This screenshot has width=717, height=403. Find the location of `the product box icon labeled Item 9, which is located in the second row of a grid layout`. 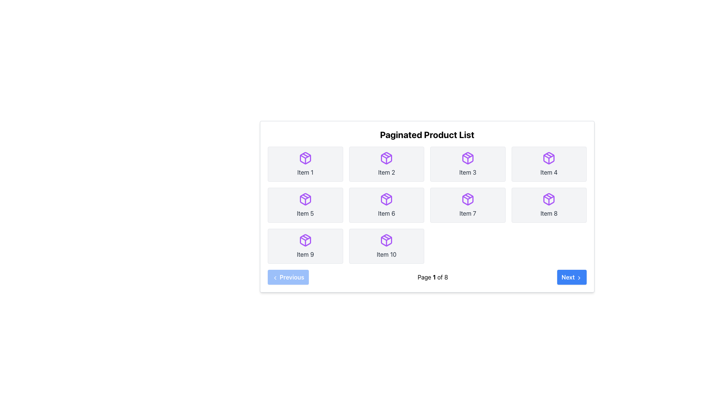

the product box icon labeled Item 9, which is located in the second row of a grid layout is located at coordinates (305, 240).